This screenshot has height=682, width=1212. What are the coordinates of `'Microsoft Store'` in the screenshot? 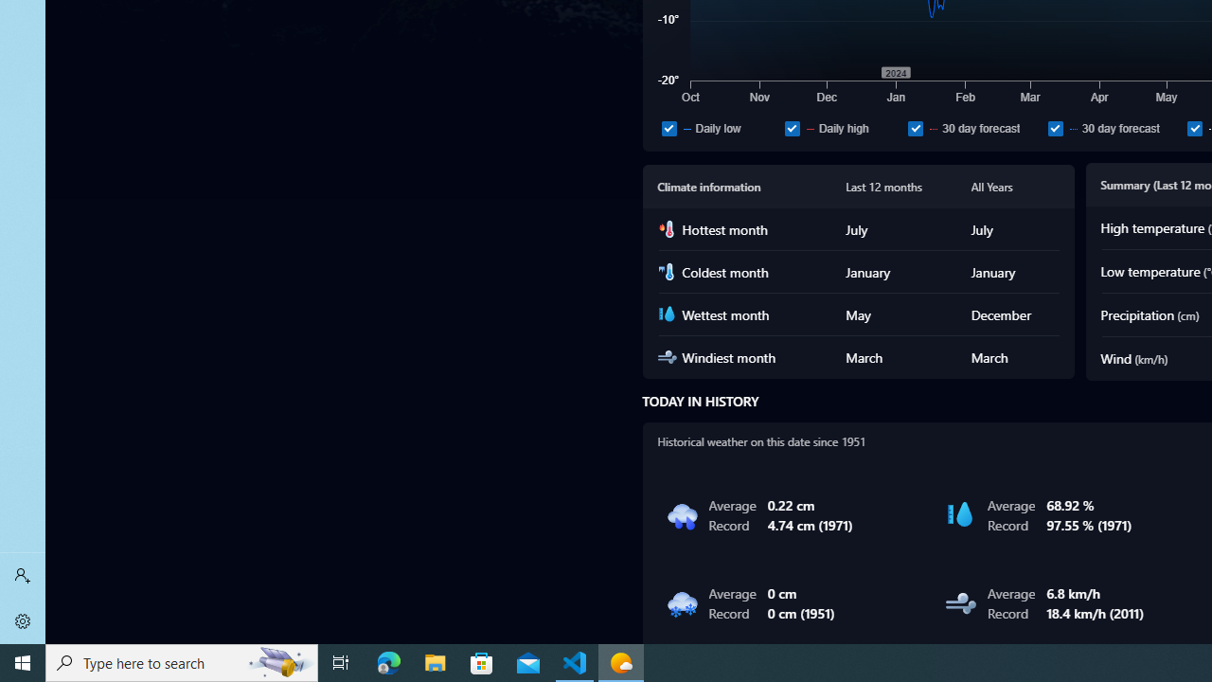 It's located at (482, 661).